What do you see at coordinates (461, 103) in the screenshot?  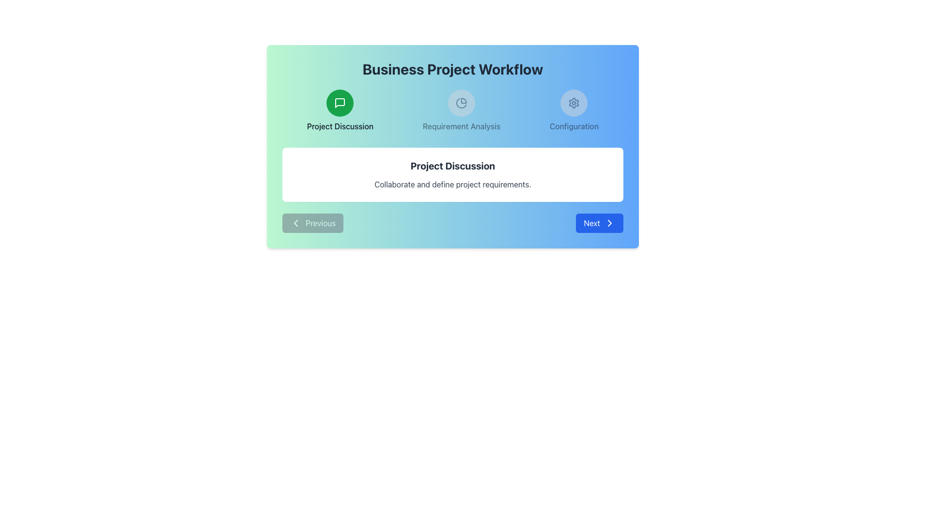 I see `the pie chart icon, which is styled with a circular outline and a highlighted segment, centrally located within a light gray circular background` at bounding box center [461, 103].